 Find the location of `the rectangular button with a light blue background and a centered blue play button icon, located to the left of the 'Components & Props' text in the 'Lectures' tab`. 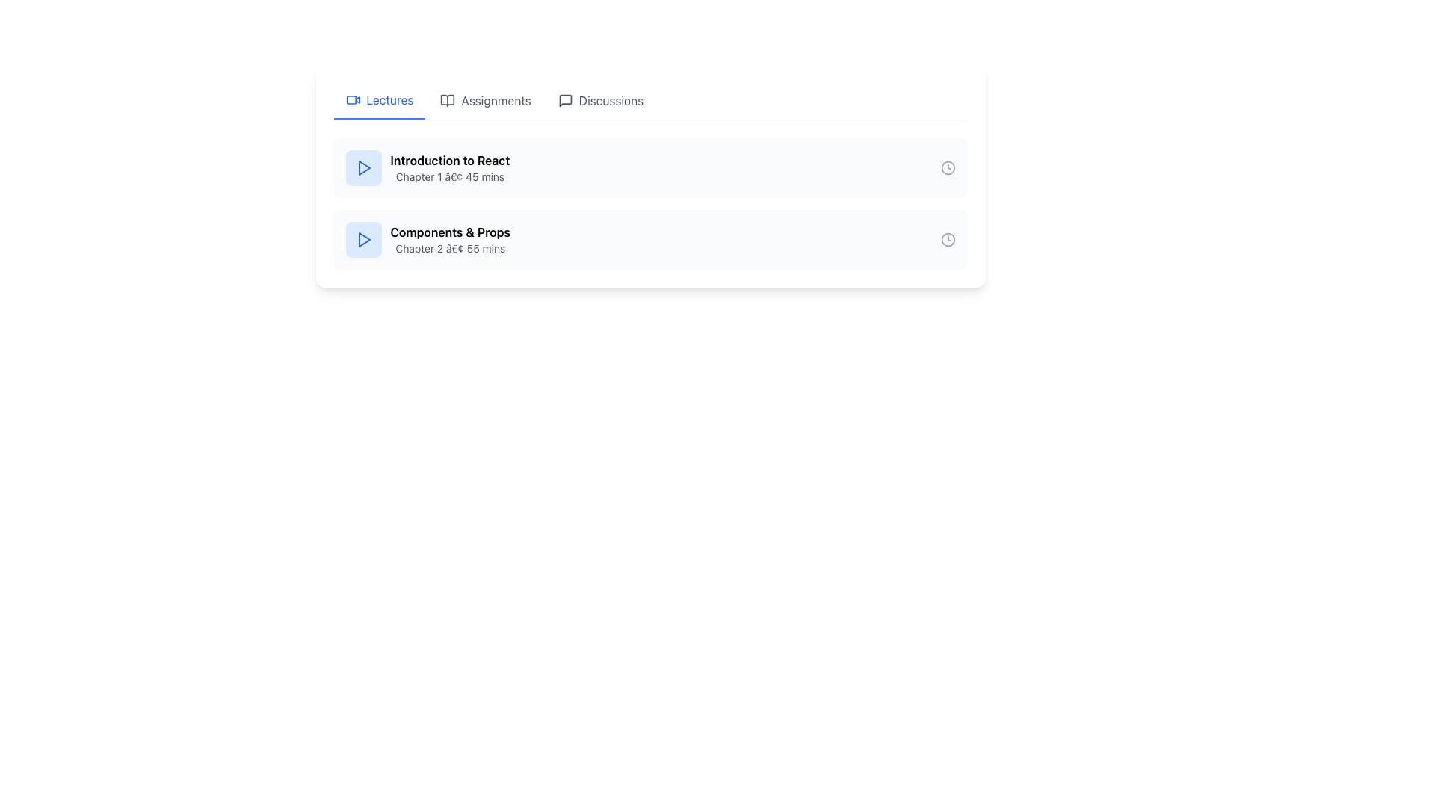

the rectangular button with a light blue background and a centered blue play button icon, located to the left of the 'Components & Props' text in the 'Lectures' tab is located at coordinates (363, 238).